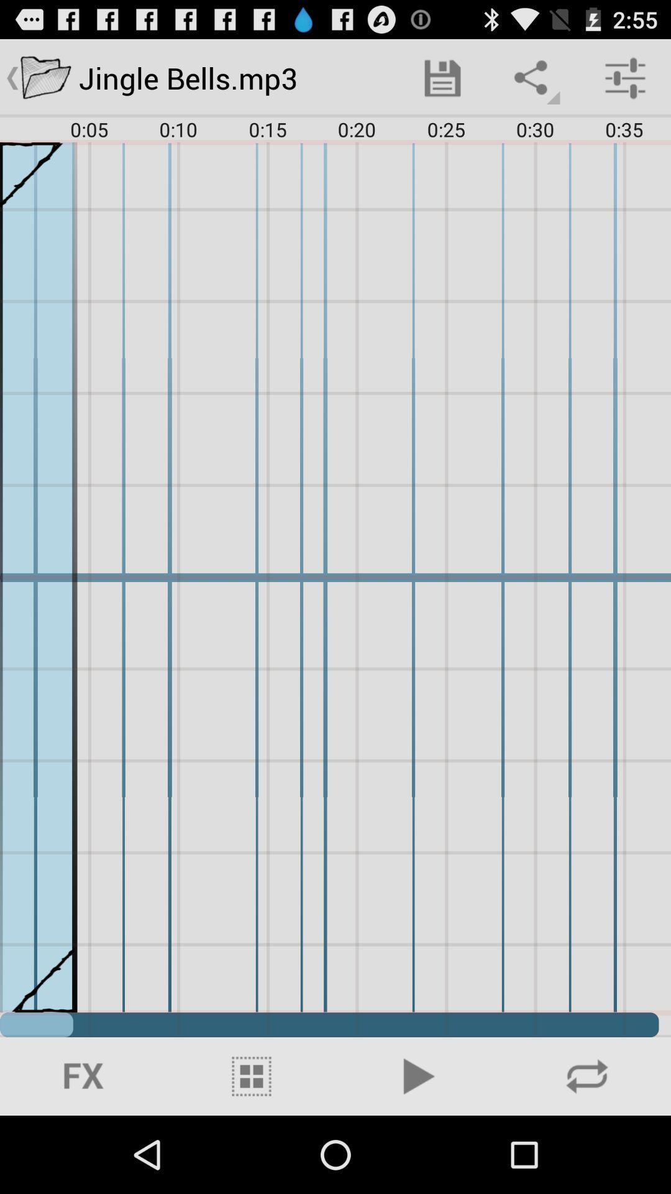 The image size is (671, 1194). I want to click on icon at the bottom right corner, so click(587, 1076).